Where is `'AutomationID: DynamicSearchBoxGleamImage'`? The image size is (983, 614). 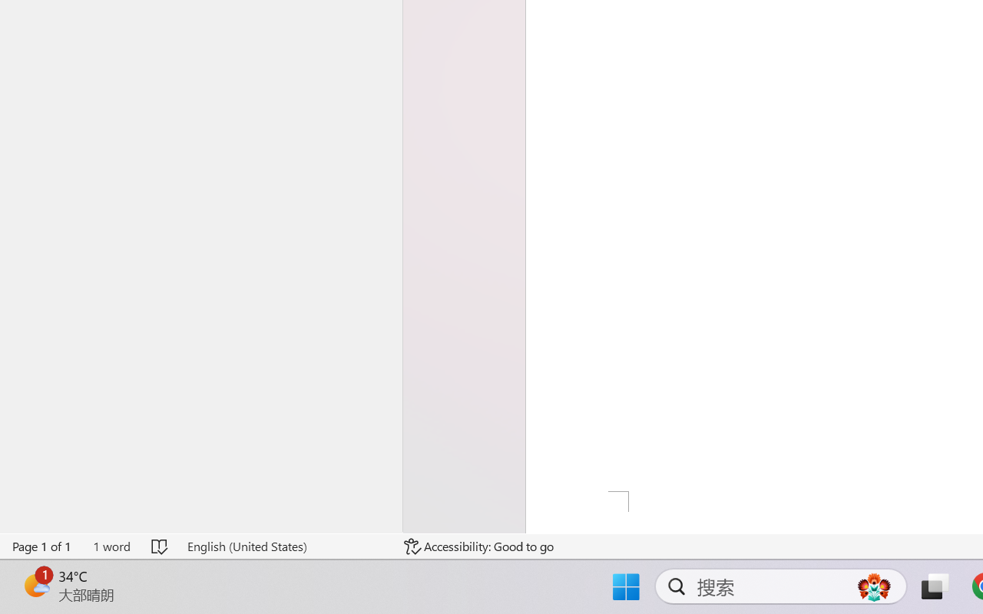
'AutomationID: DynamicSearchBoxGleamImage' is located at coordinates (874, 586).